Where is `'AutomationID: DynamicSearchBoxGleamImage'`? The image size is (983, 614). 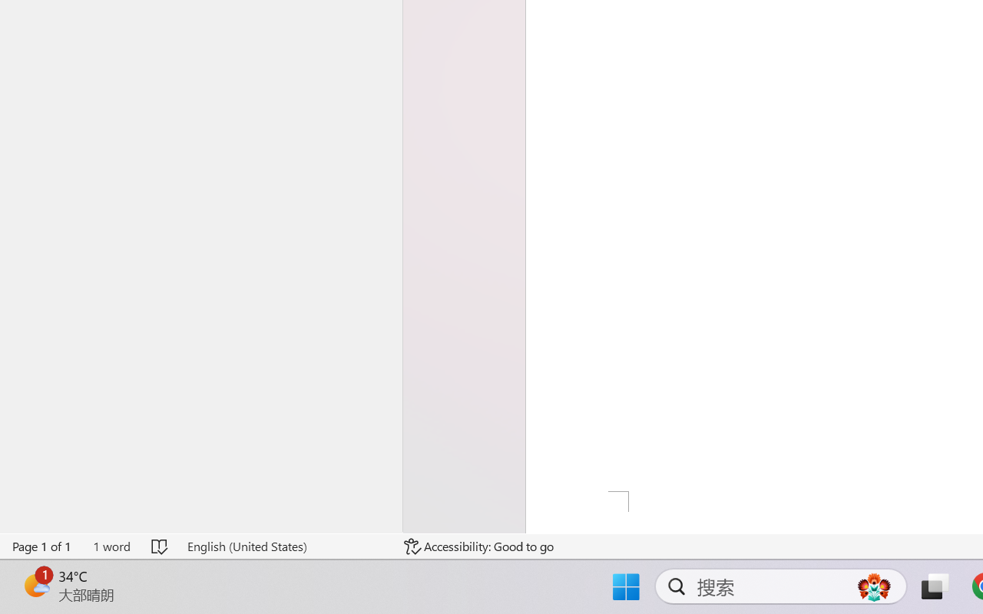
'AutomationID: DynamicSearchBoxGleamImage' is located at coordinates (874, 586).